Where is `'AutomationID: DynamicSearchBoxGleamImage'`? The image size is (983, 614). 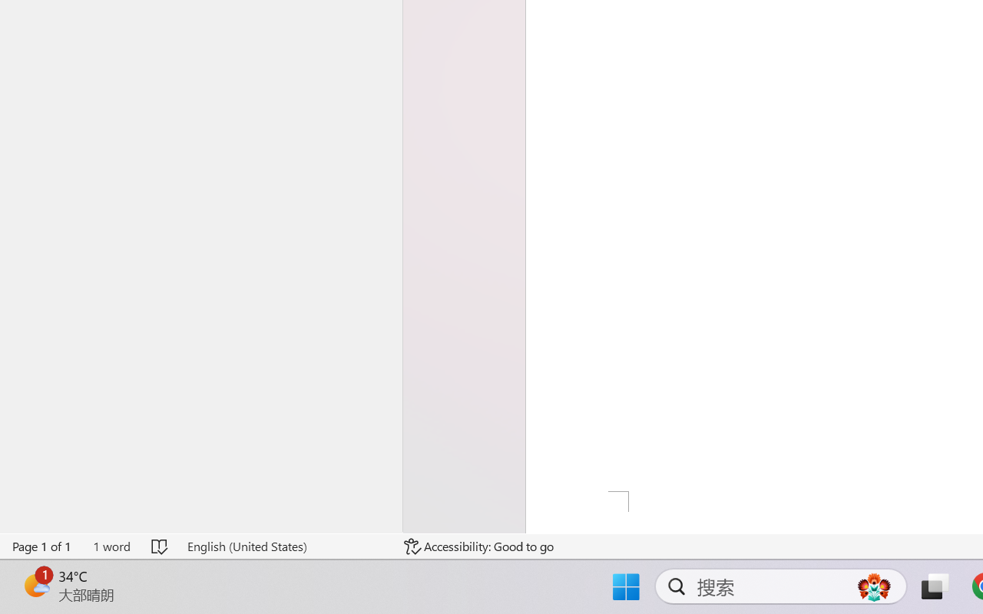
'AutomationID: DynamicSearchBoxGleamImage' is located at coordinates (874, 586).